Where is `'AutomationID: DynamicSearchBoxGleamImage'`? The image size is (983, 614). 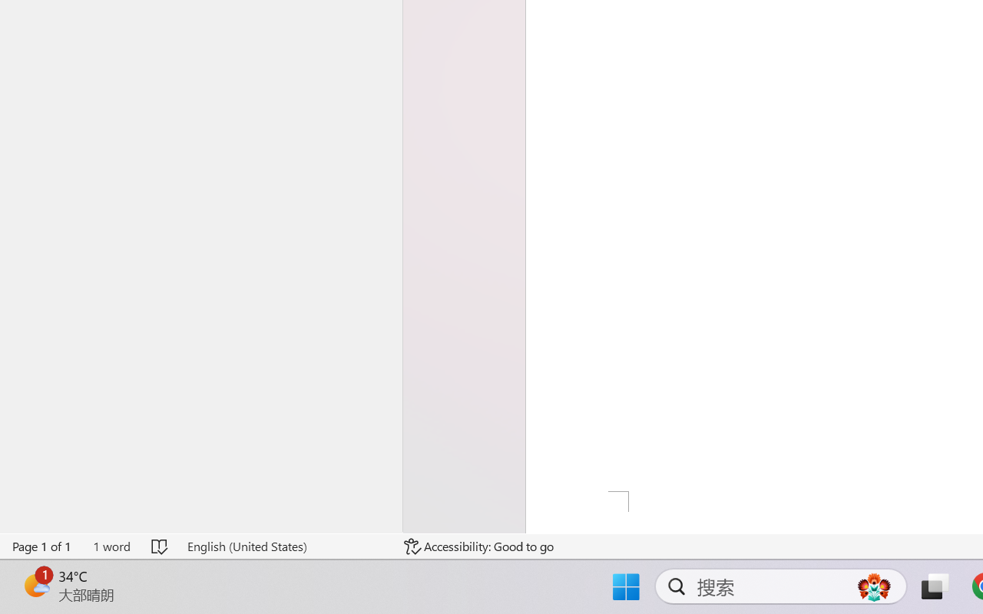
'AutomationID: DynamicSearchBoxGleamImage' is located at coordinates (874, 586).